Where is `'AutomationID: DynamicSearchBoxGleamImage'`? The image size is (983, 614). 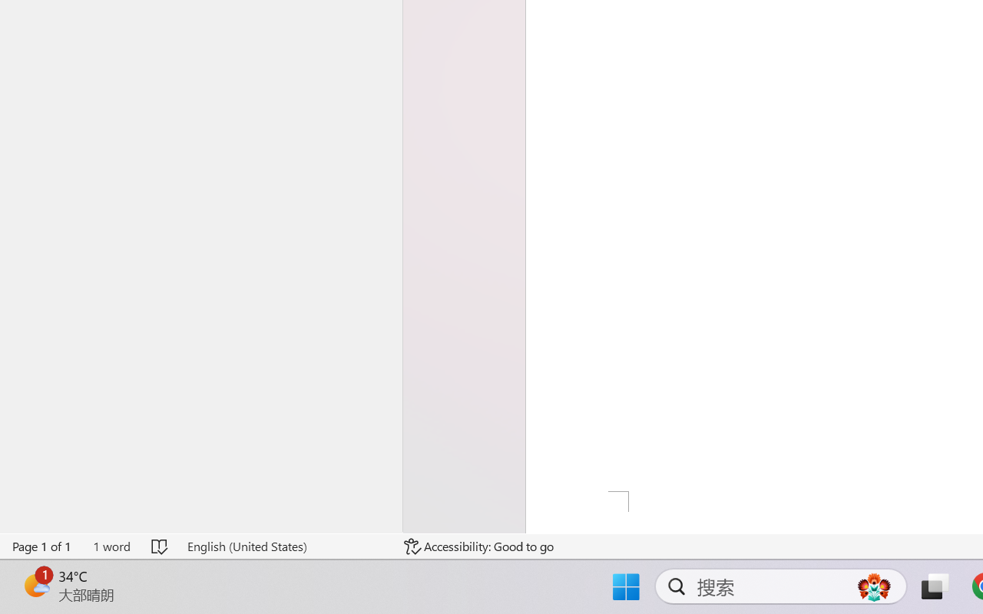
'AutomationID: DynamicSearchBoxGleamImage' is located at coordinates (874, 586).